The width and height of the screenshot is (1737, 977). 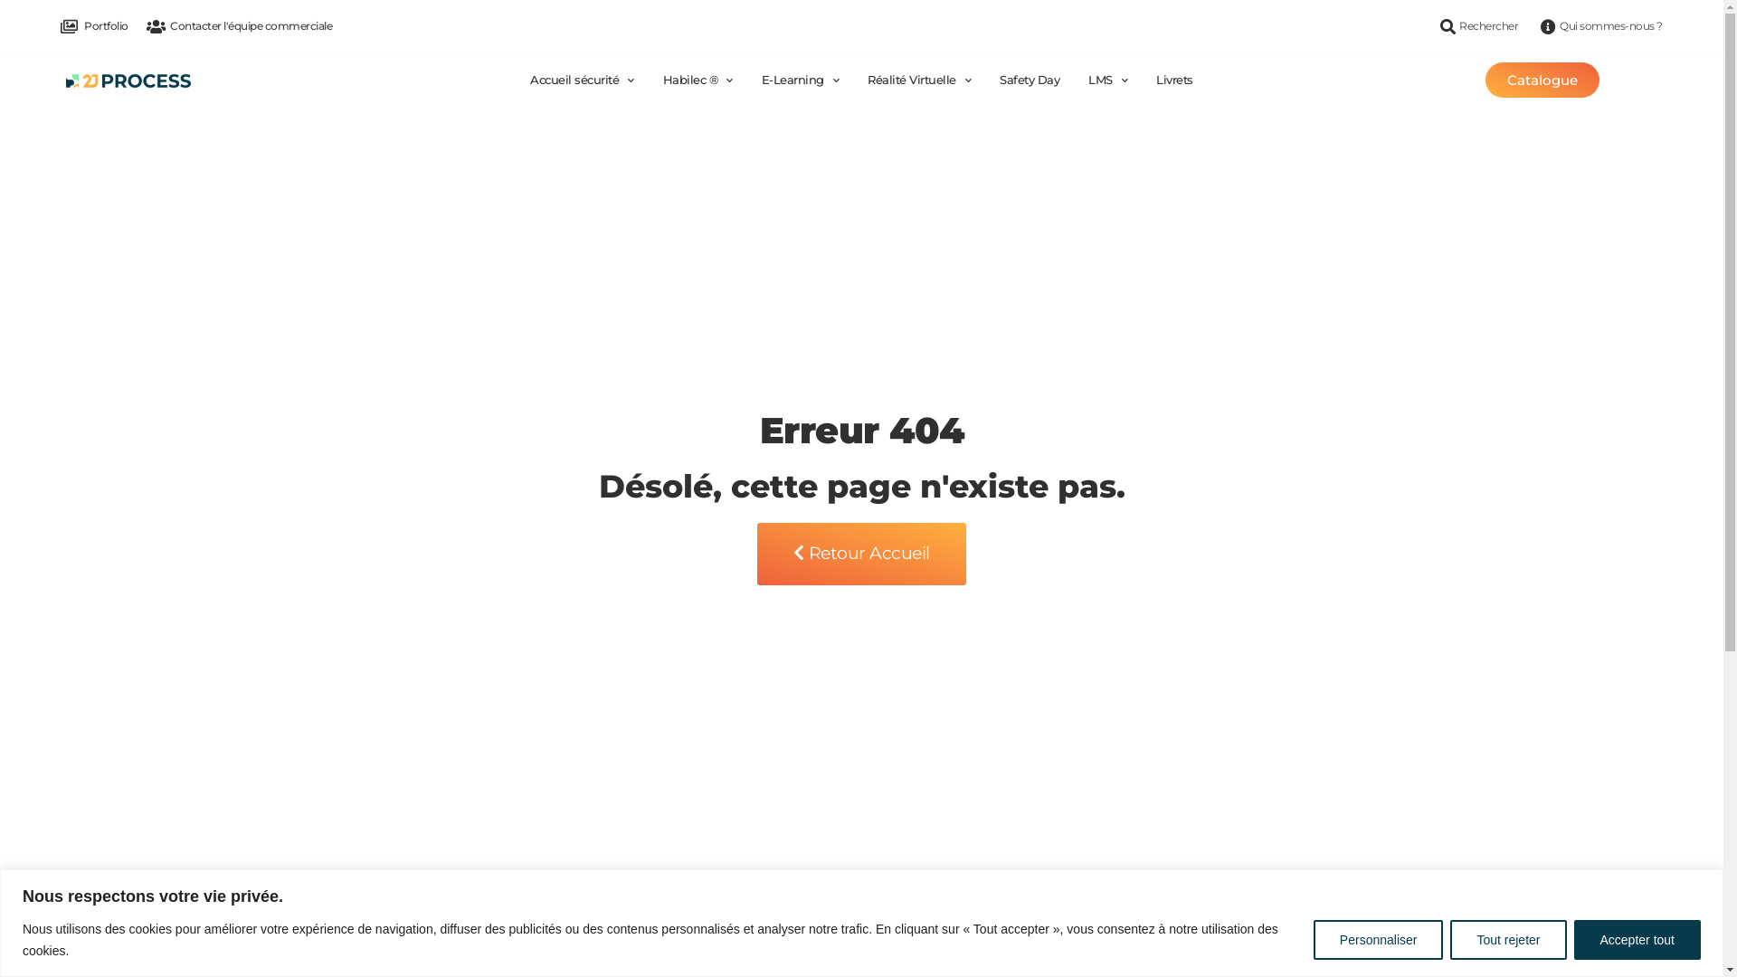 What do you see at coordinates (1476, 26) in the screenshot?
I see `'Rechercher'` at bounding box center [1476, 26].